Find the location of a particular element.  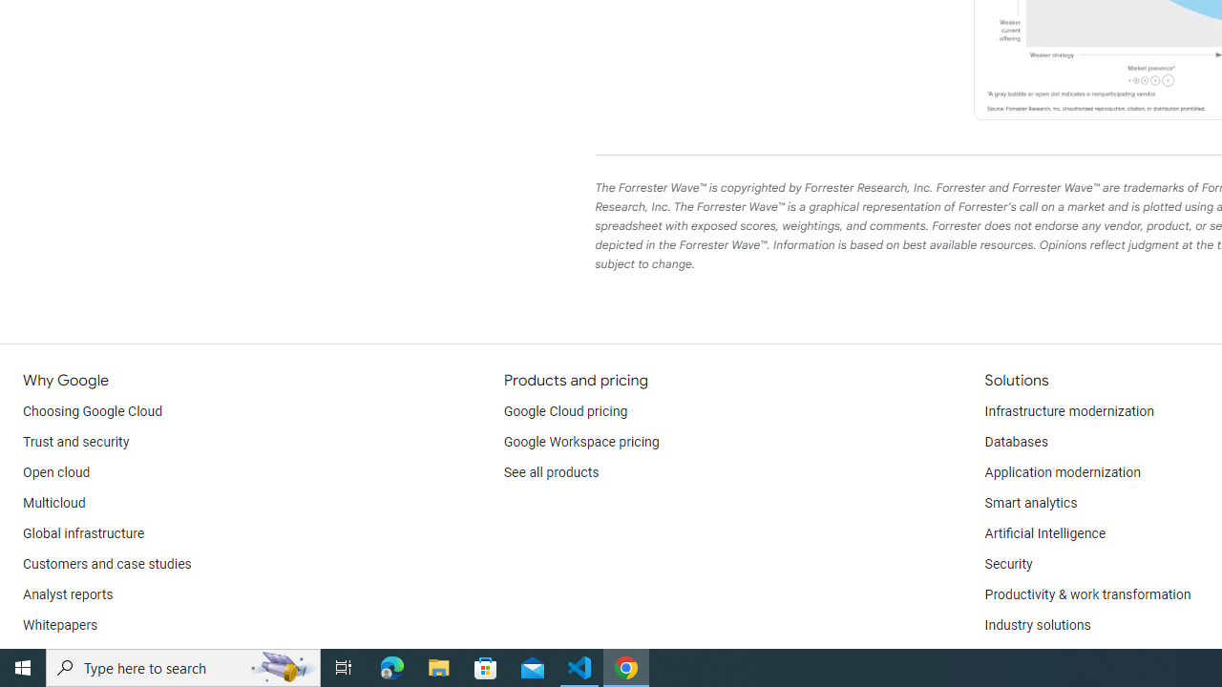

'Security' is located at coordinates (1007, 563).